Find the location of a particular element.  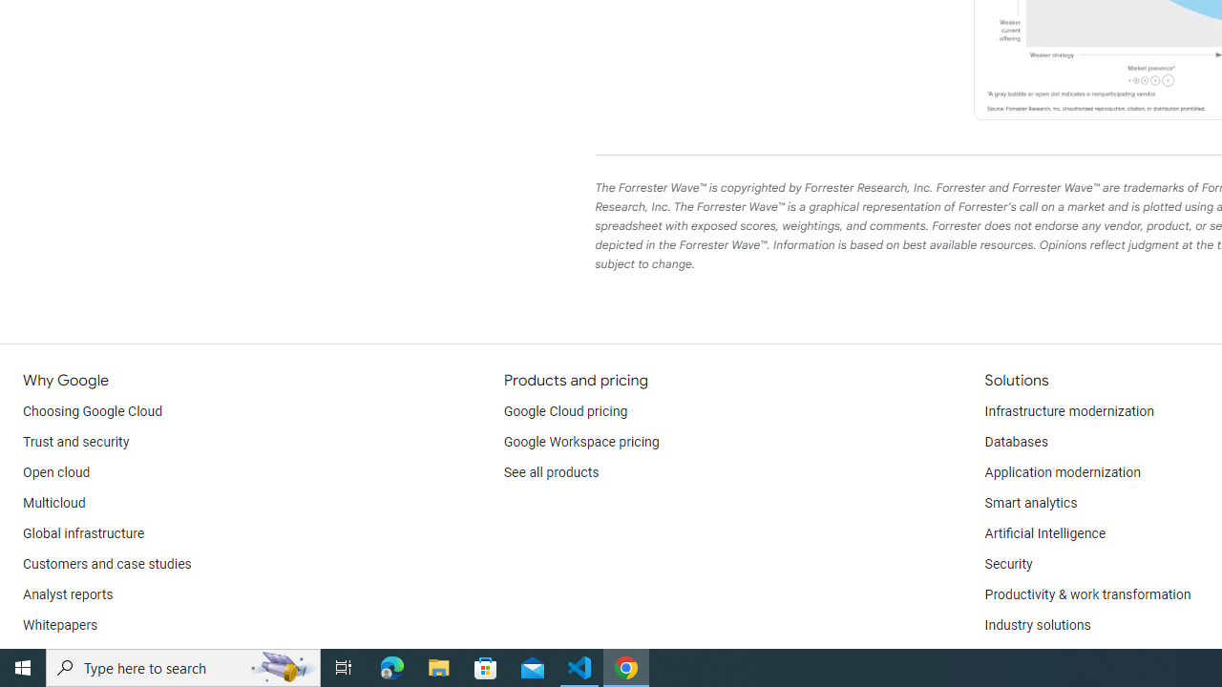

'Security' is located at coordinates (1007, 563).